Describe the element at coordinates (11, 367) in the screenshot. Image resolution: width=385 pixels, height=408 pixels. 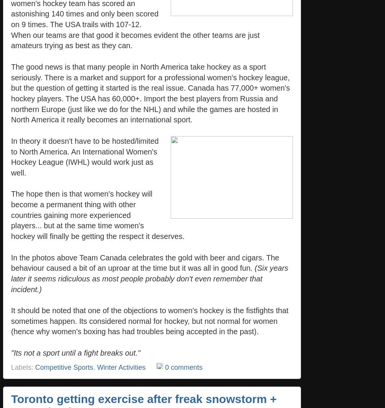
I see `'Labels:'` at that location.